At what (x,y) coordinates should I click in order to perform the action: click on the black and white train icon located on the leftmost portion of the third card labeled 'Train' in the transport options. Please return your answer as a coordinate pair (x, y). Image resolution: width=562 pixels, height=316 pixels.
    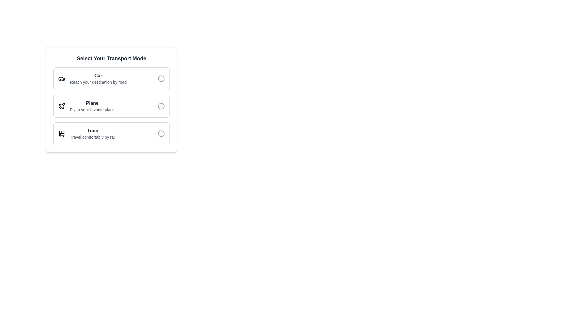
    Looking at the image, I should click on (62, 133).